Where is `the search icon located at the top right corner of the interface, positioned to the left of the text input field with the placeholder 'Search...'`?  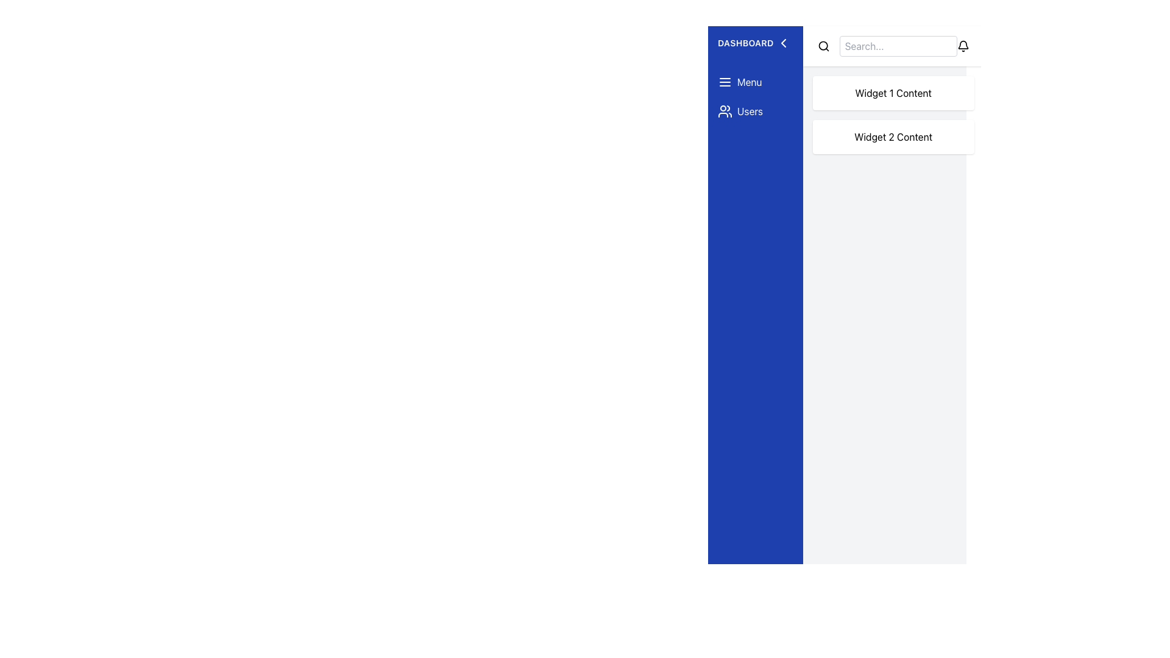 the search icon located at the top right corner of the interface, positioned to the left of the text input field with the placeholder 'Search...' is located at coordinates (823, 46).